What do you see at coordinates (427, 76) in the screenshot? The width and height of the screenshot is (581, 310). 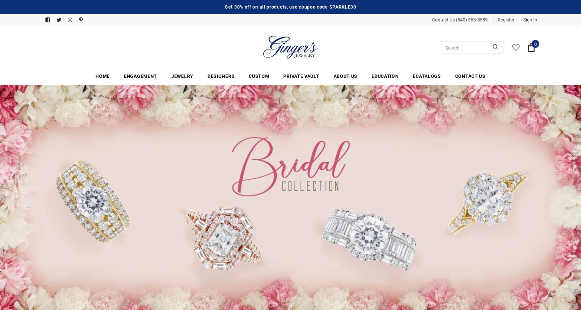 I see `'Ecatalogs'` at bounding box center [427, 76].